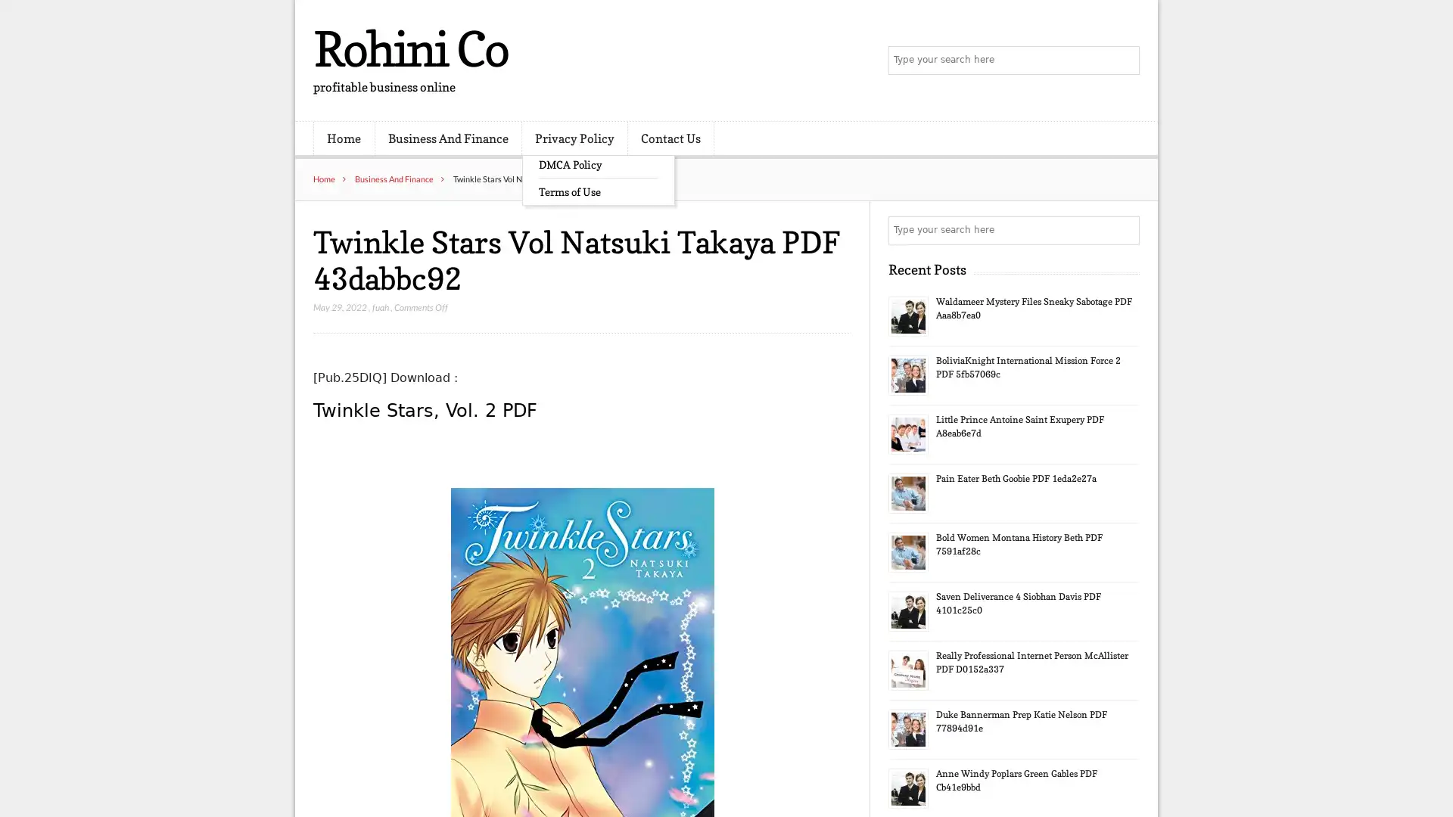  Describe the element at coordinates (1124, 230) in the screenshot. I see `Search` at that location.